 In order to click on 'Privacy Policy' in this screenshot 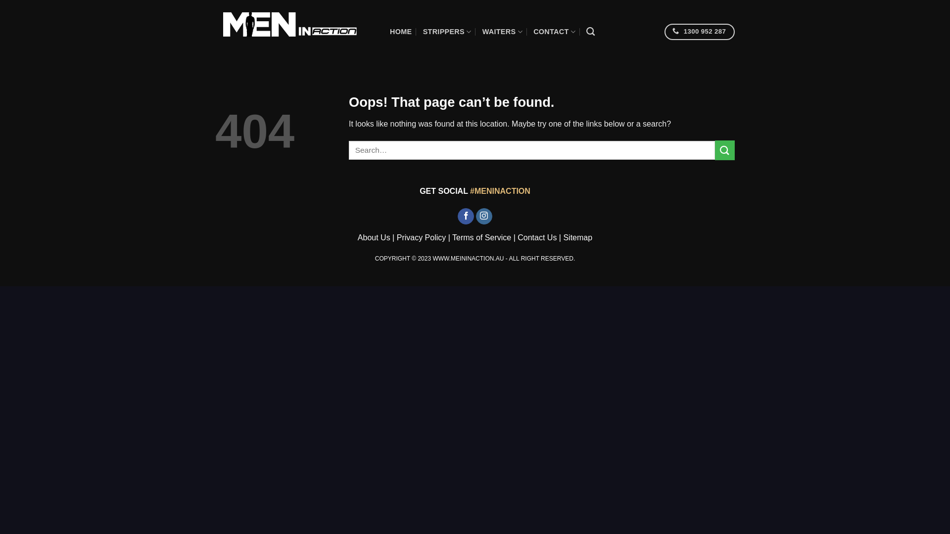, I will do `click(396, 237)`.